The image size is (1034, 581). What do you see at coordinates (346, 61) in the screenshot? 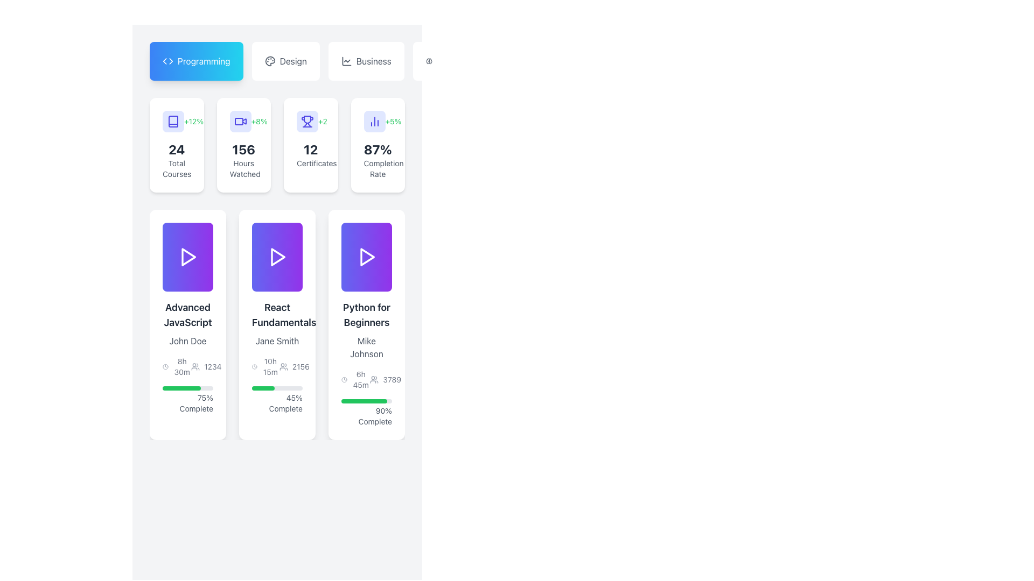
I see `the visual representation of the chart icon within the 'Business' button, which is styled with a minimalistic appearance and positioned to the left of the button text` at bounding box center [346, 61].